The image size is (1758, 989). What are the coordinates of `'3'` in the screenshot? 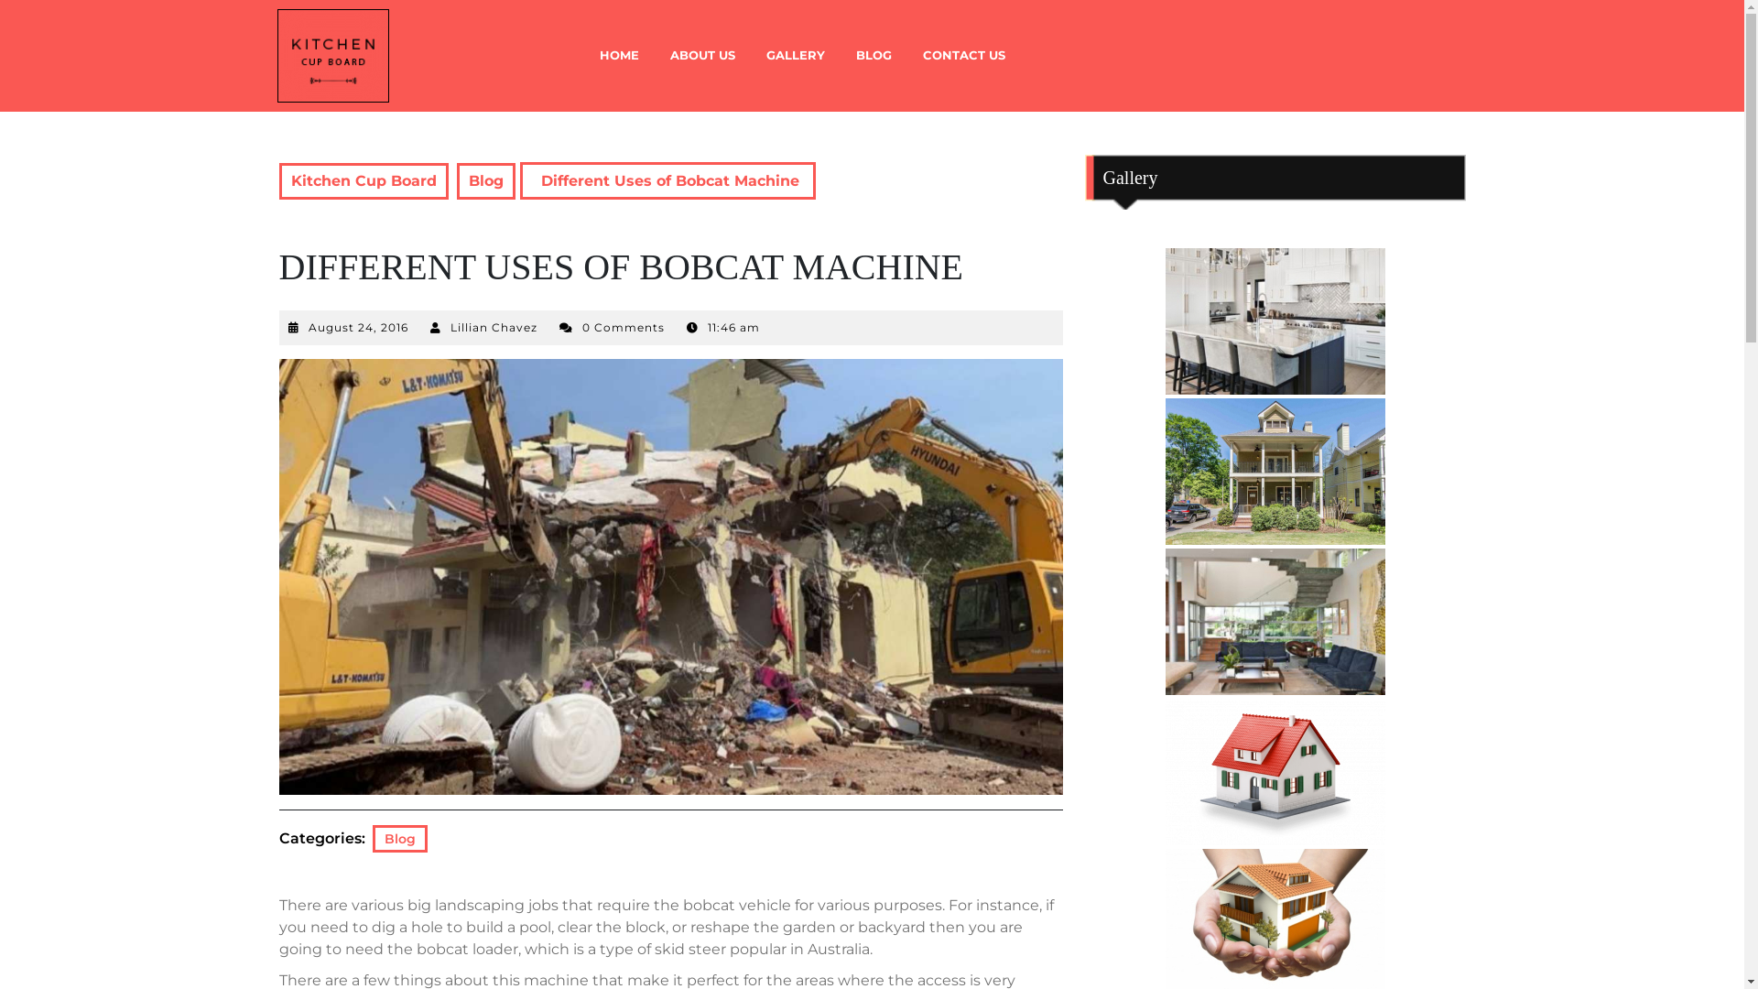 It's located at (1274, 620).